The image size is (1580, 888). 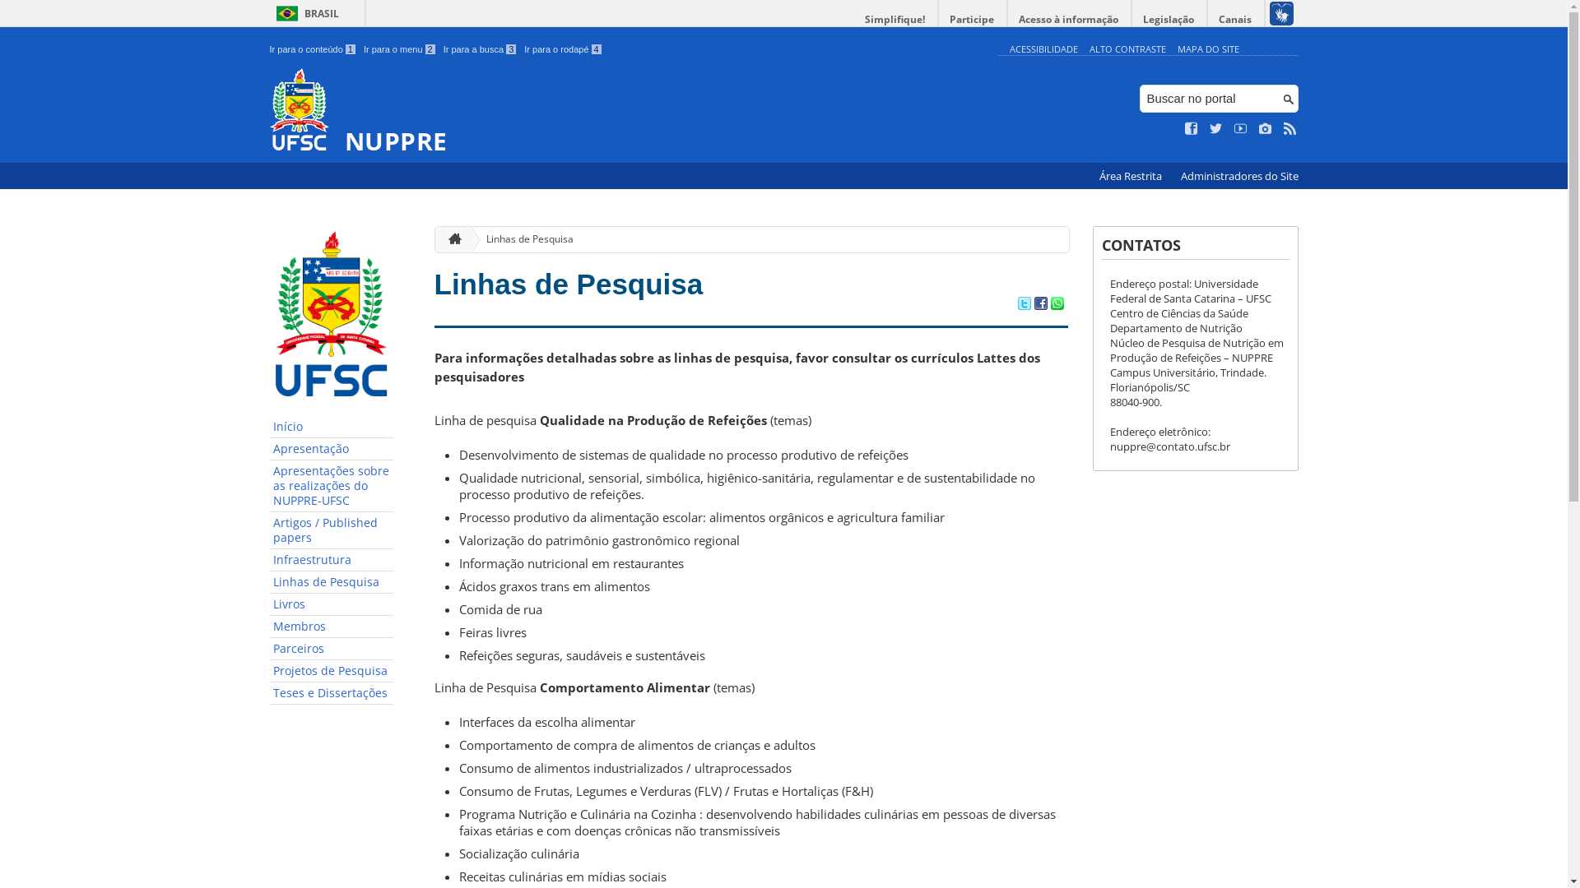 What do you see at coordinates (331, 604) in the screenshot?
I see `'Livros'` at bounding box center [331, 604].